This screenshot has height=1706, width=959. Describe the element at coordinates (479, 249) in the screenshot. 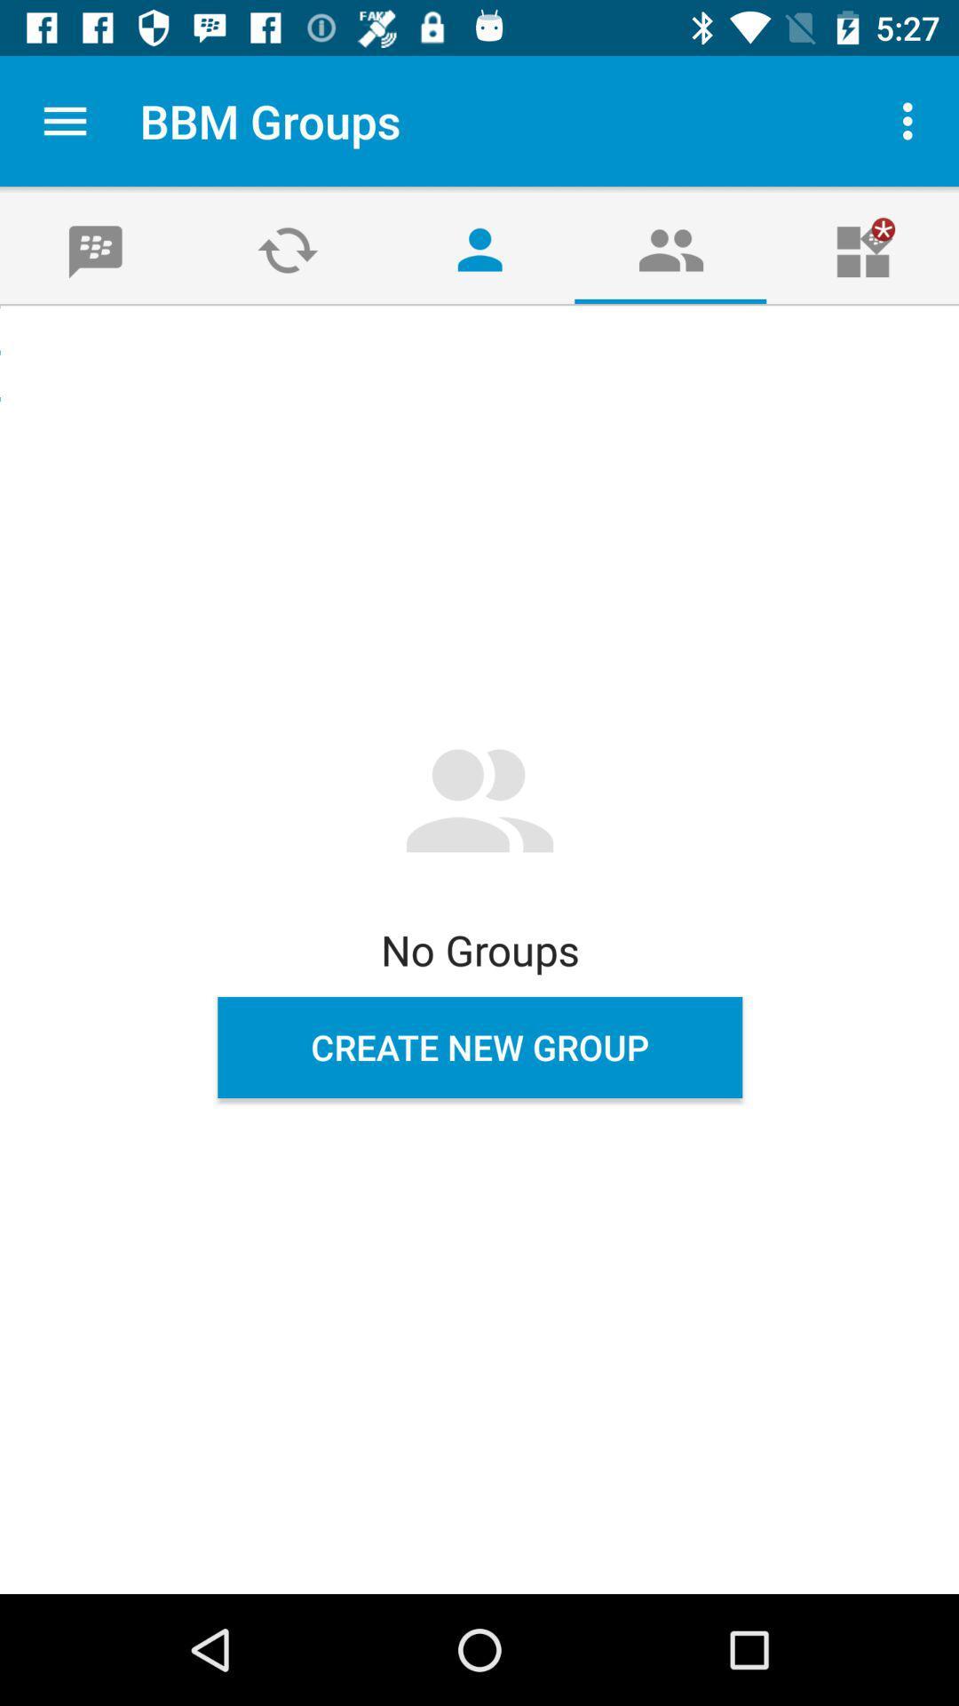

I see `the avatar icon` at that location.